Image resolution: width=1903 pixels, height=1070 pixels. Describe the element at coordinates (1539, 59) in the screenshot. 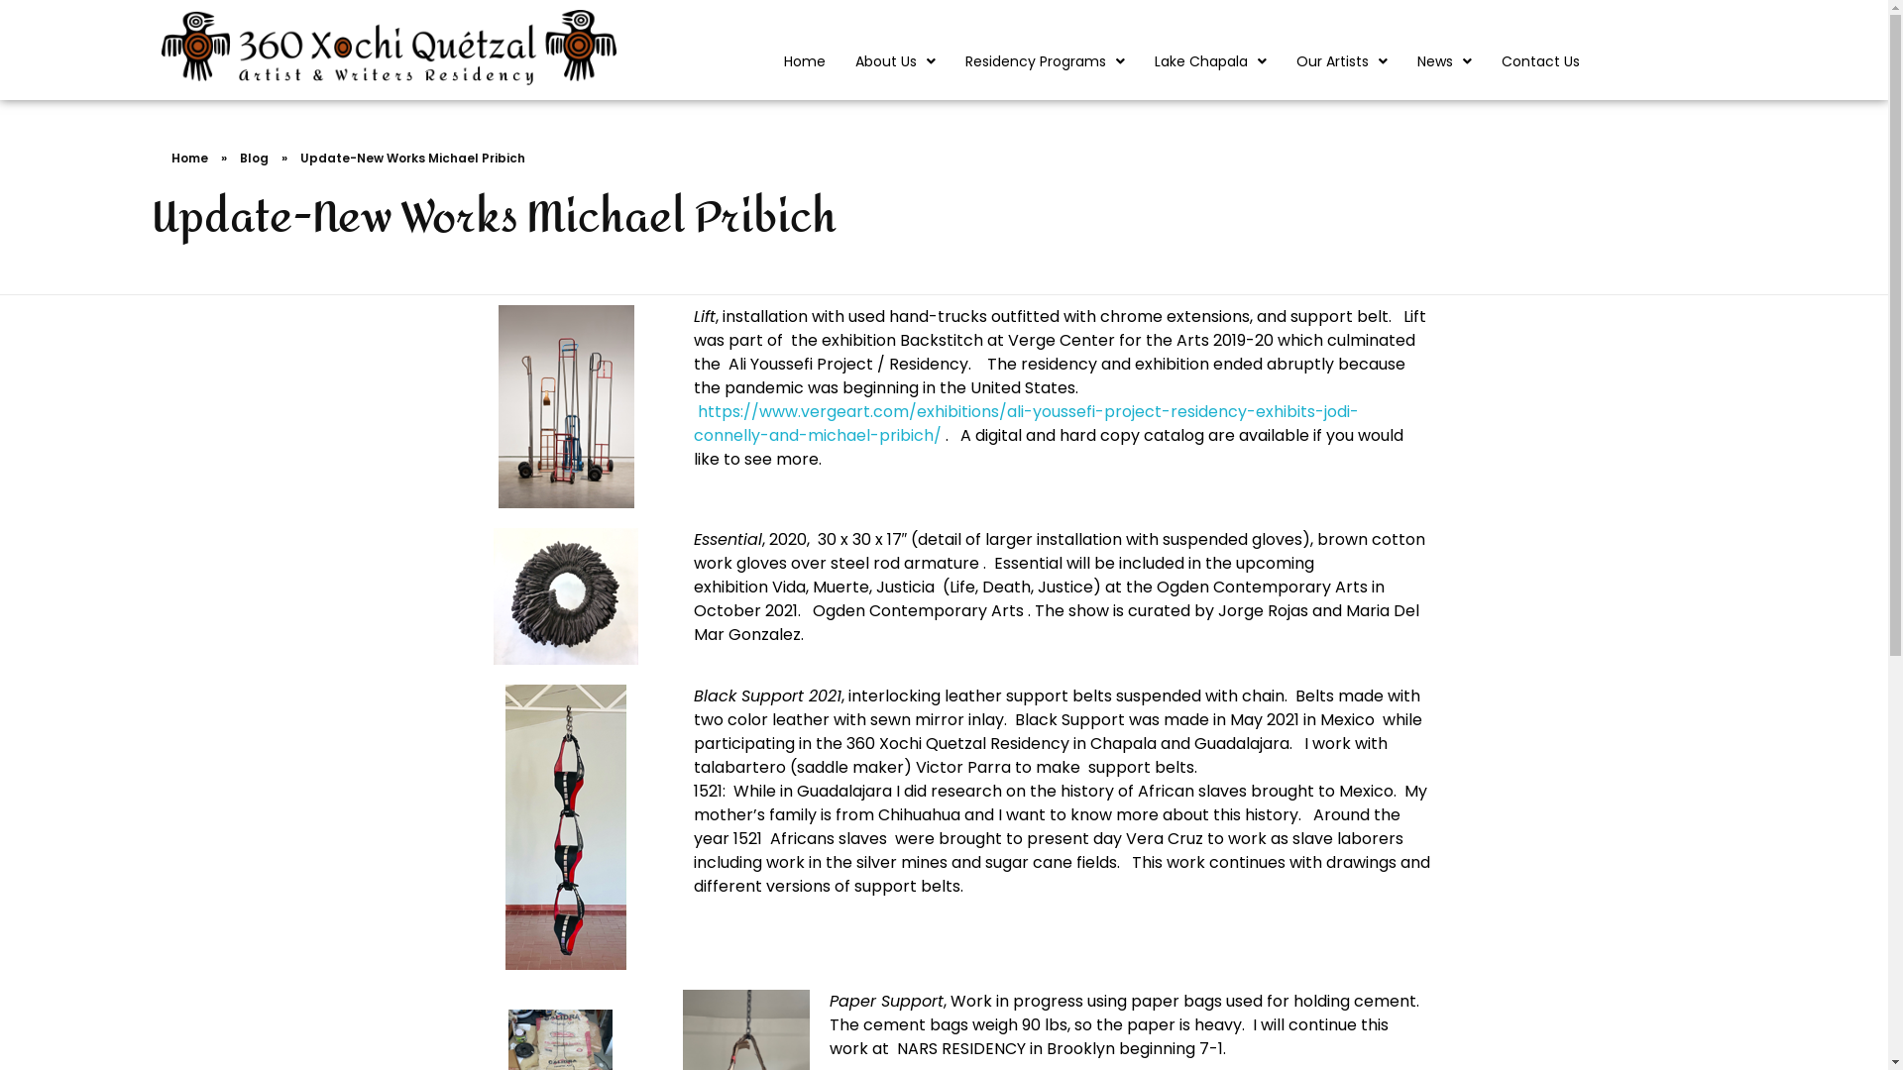

I see `'Contact Us'` at that location.